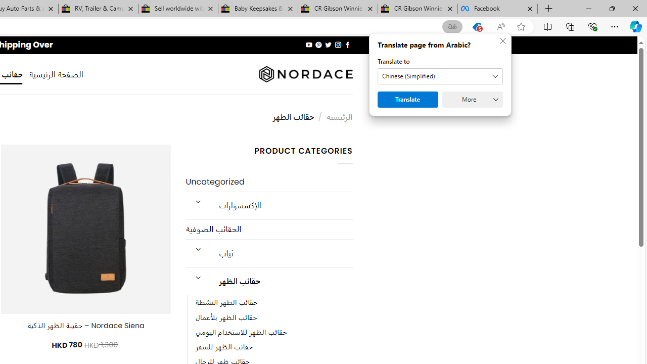 The width and height of the screenshot is (647, 364). Describe the element at coordinates (308, 44) in the screenshot. I see `'Follow on YouTube'` at that location.